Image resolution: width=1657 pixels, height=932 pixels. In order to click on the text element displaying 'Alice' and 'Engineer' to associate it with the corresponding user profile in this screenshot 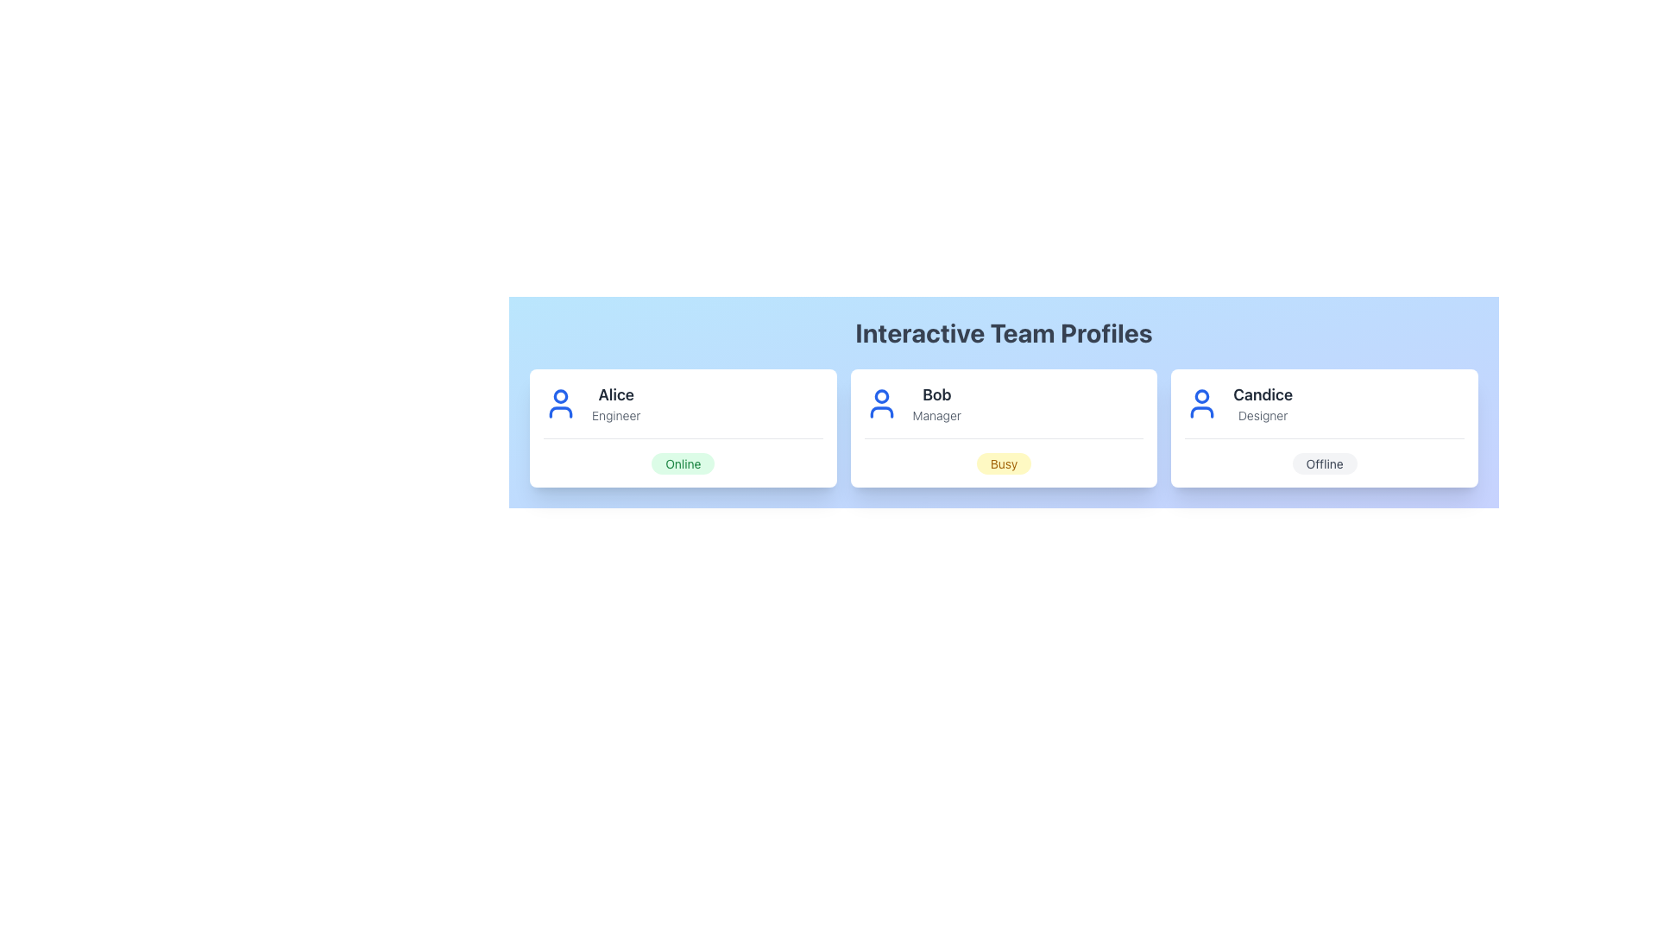, I will do `click(616, 403)`.